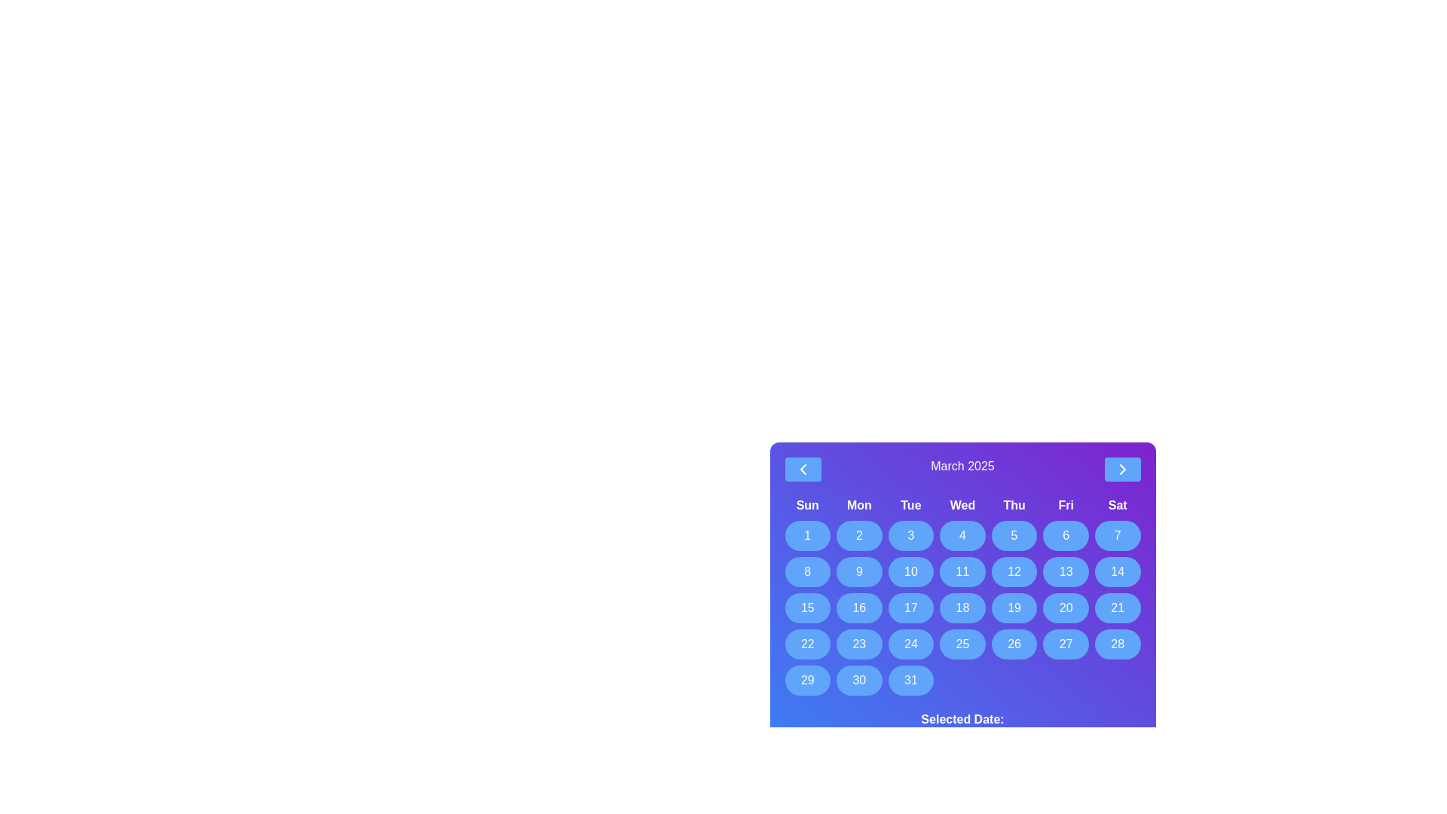 This screenshot has width=1447, height=814. Describe the element at coordinates (910, 506) in the screenshot. I see `the text label indicating 'Tuesday' in the calendar interface, which is located in the top row under the month header 'March 2025.'` at that location.